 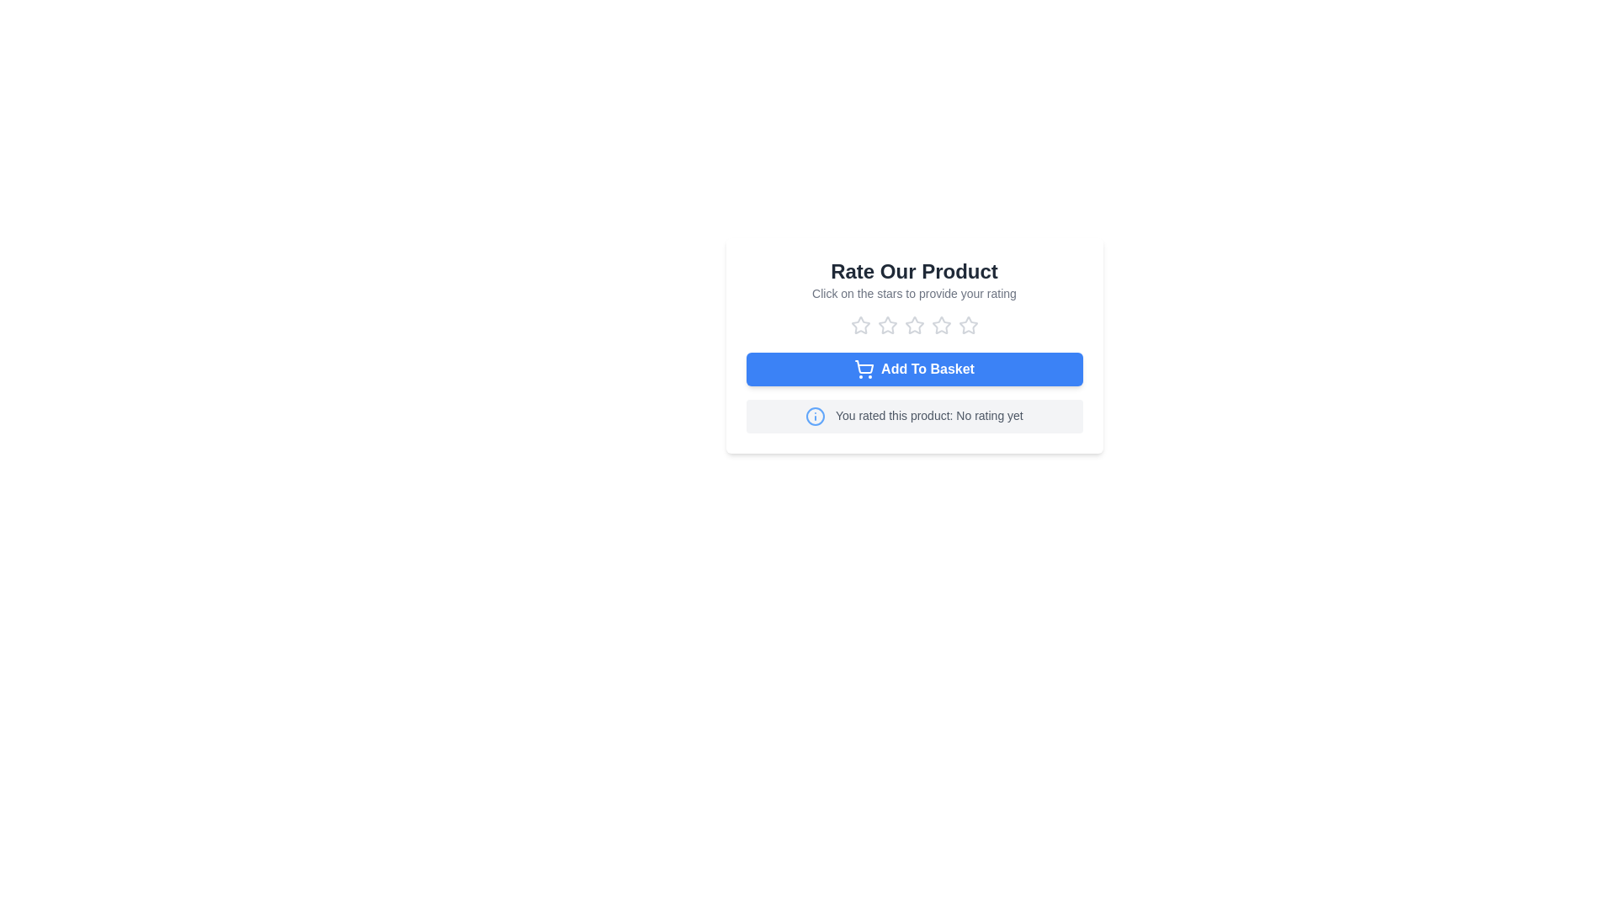 What do you see at coordinates (913, 325) in the screenshot?
I see `the third SVG star icon in the horizontal sequence of five stars, which serves as an interactive rating input on the card interface` at bounding box center [913, 325].